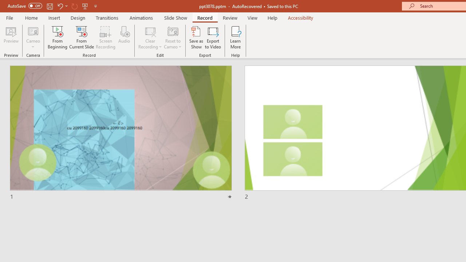  I want to click on 'Reset to Cameo', so click(172, 37).